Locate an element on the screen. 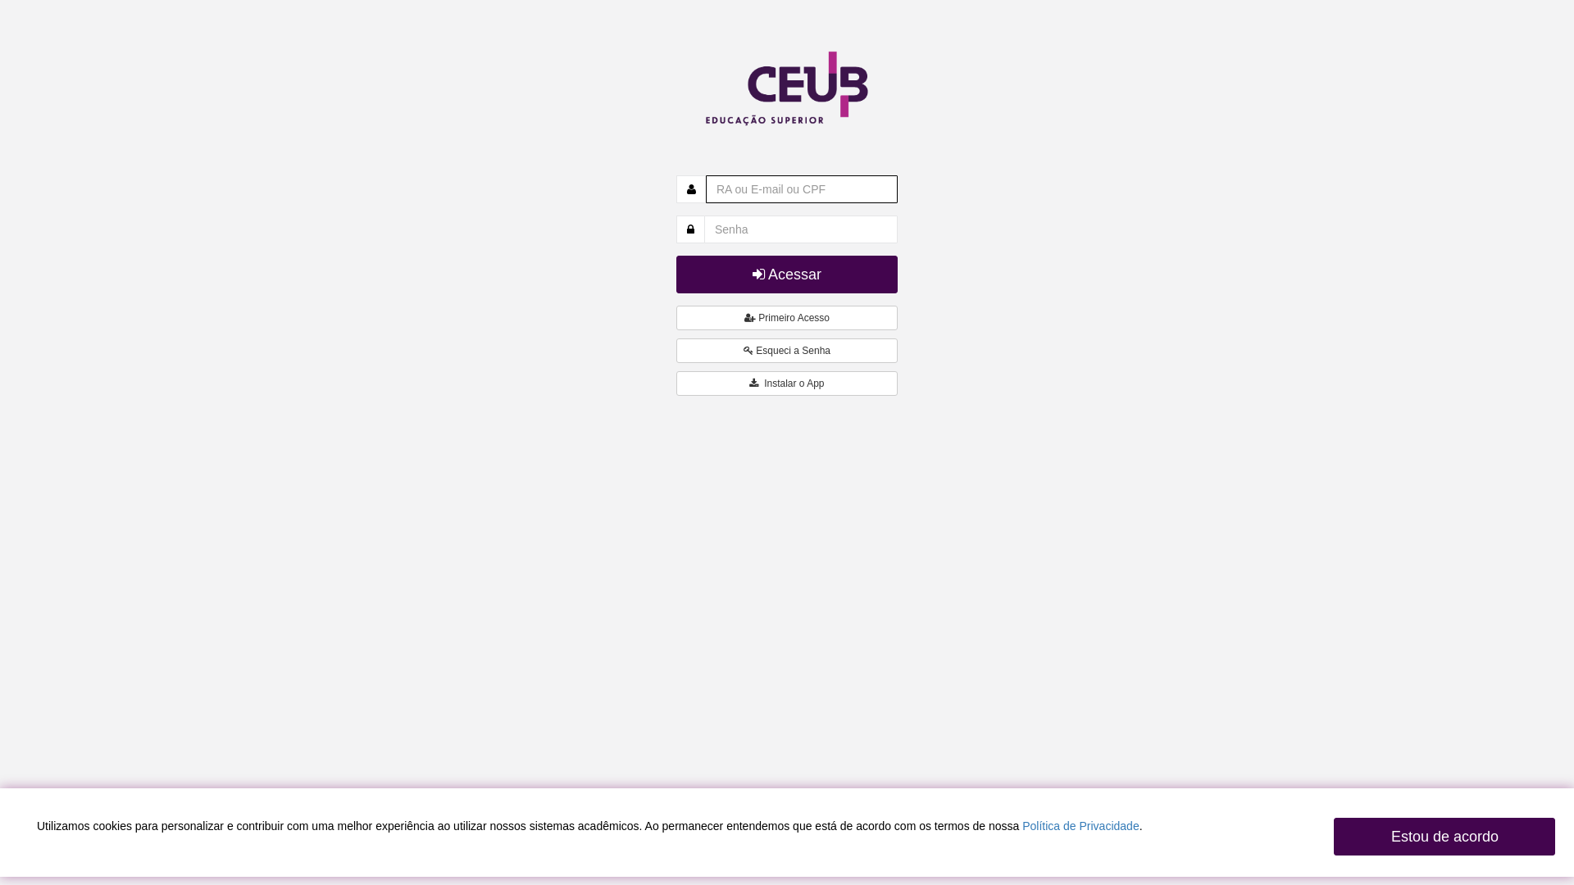 This screenshot has width=1574, height=885. ' Primeiro Acesso' is located at coordinates (787, 318).